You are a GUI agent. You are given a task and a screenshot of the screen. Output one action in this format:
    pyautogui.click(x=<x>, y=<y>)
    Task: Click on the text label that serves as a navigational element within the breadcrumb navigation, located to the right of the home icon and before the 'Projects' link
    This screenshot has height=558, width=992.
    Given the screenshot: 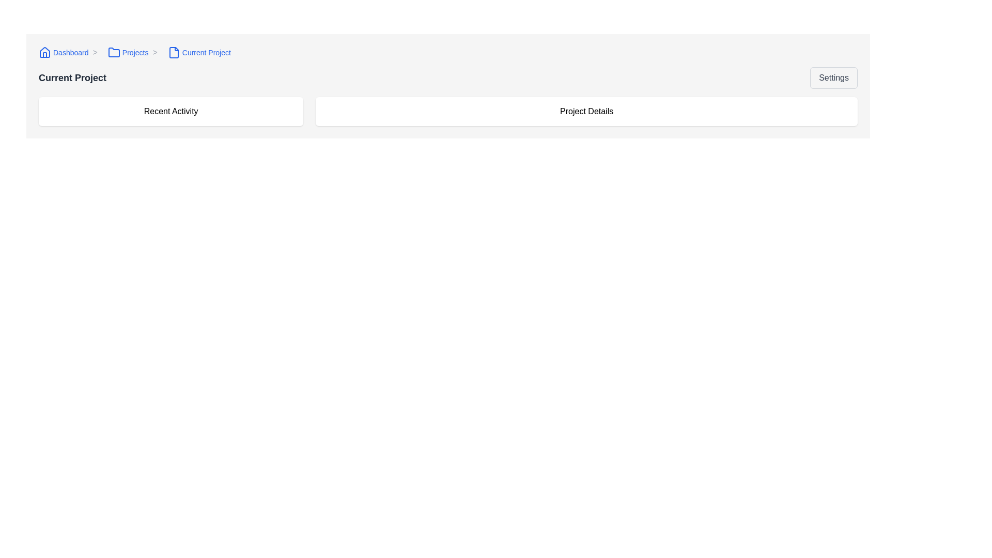 What is the action you would take?
    pyautogui.click(x=70, y=52)
    